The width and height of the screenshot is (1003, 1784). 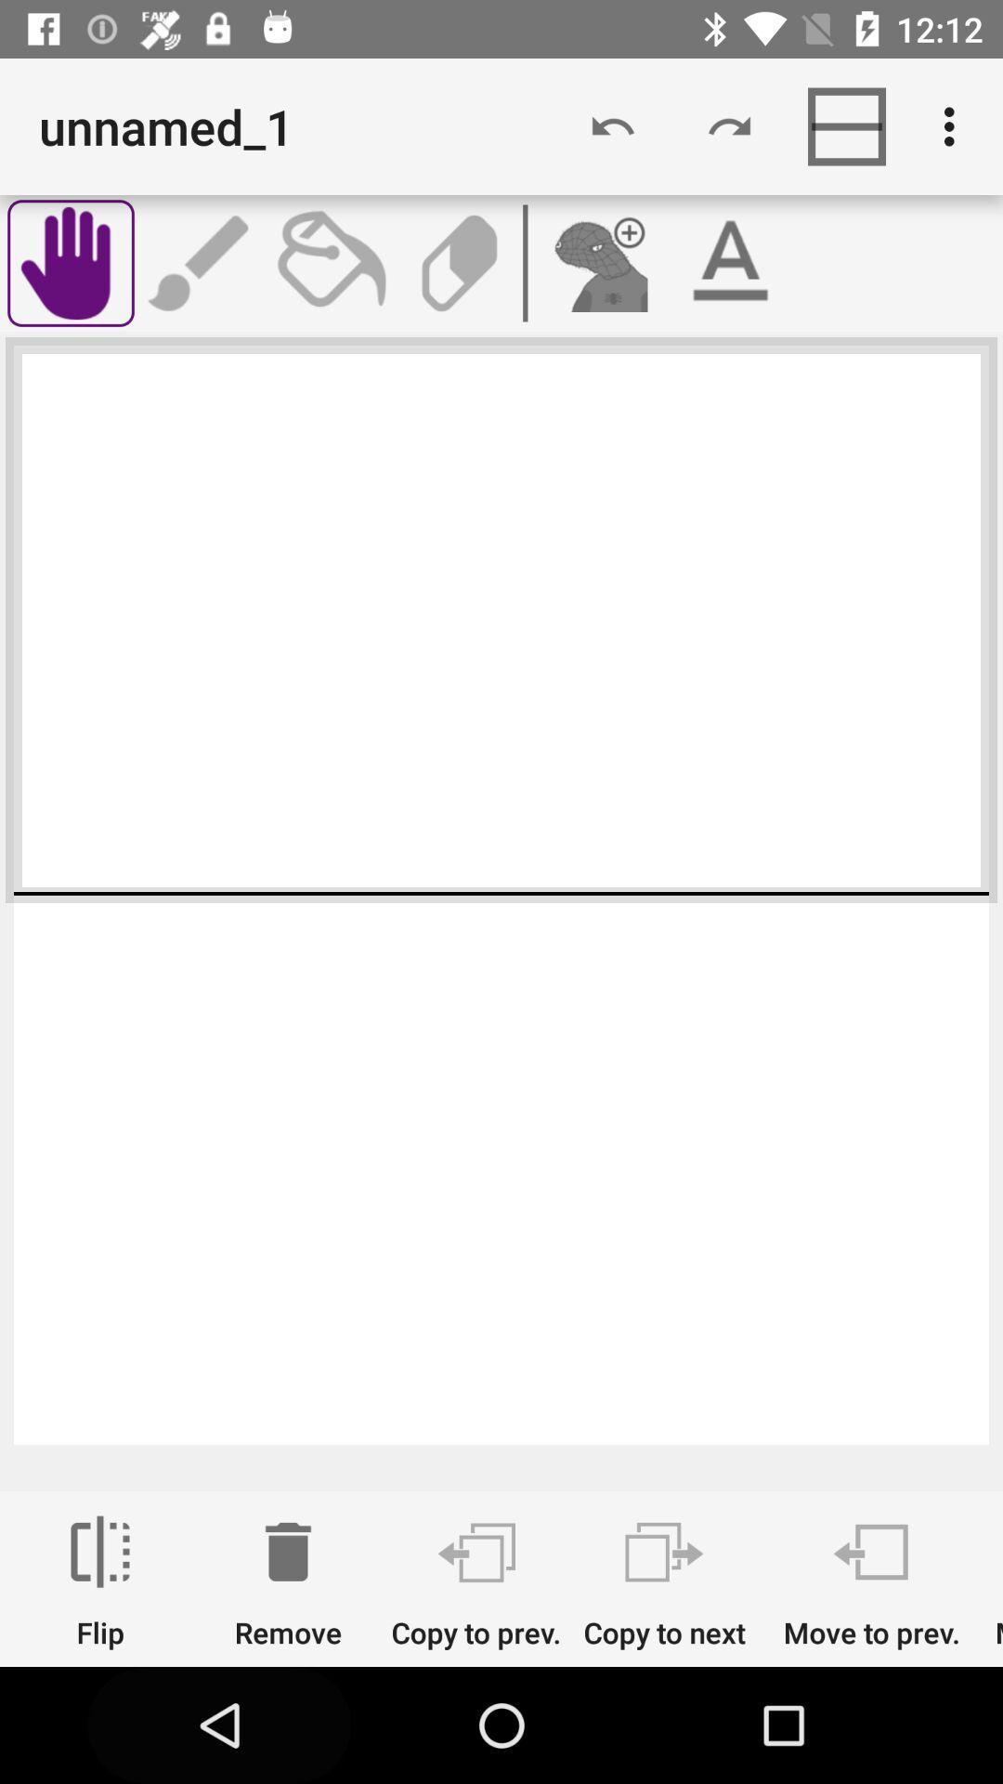 I want to click on picture, so click(x=598, y=262).